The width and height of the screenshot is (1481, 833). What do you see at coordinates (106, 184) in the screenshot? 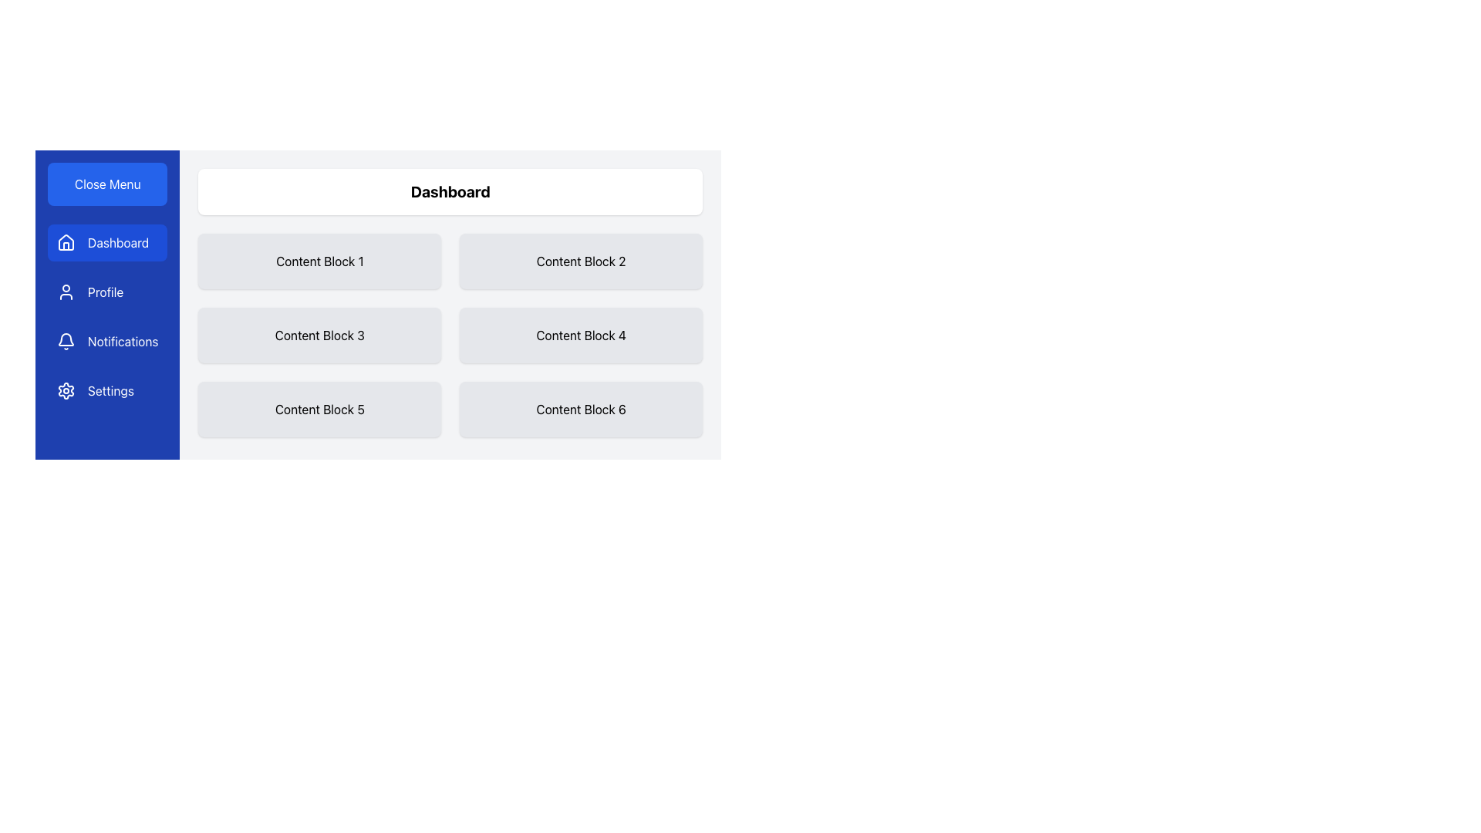
I see `the 'Close Menu' button, which is a rectangular button with white text on a blue background, located at the top of the sidebar` at bounding box center [106, 184].